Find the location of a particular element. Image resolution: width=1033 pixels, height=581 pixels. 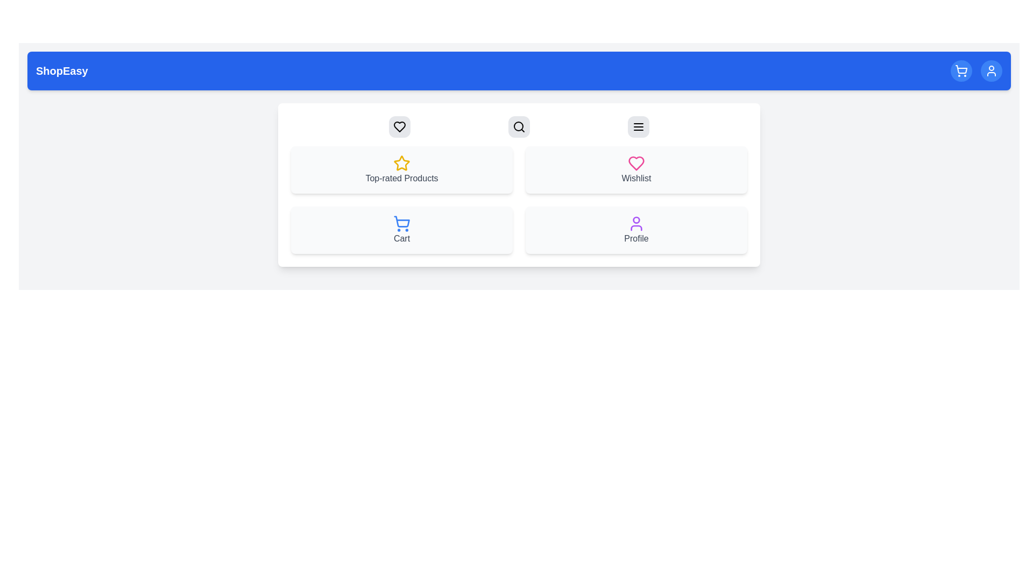

the circular graphical component resembling a lens that is part of the search icon located centrally within the third icon from the left on the navigation bar at the top of the interface is located at coordinates (519, 126).